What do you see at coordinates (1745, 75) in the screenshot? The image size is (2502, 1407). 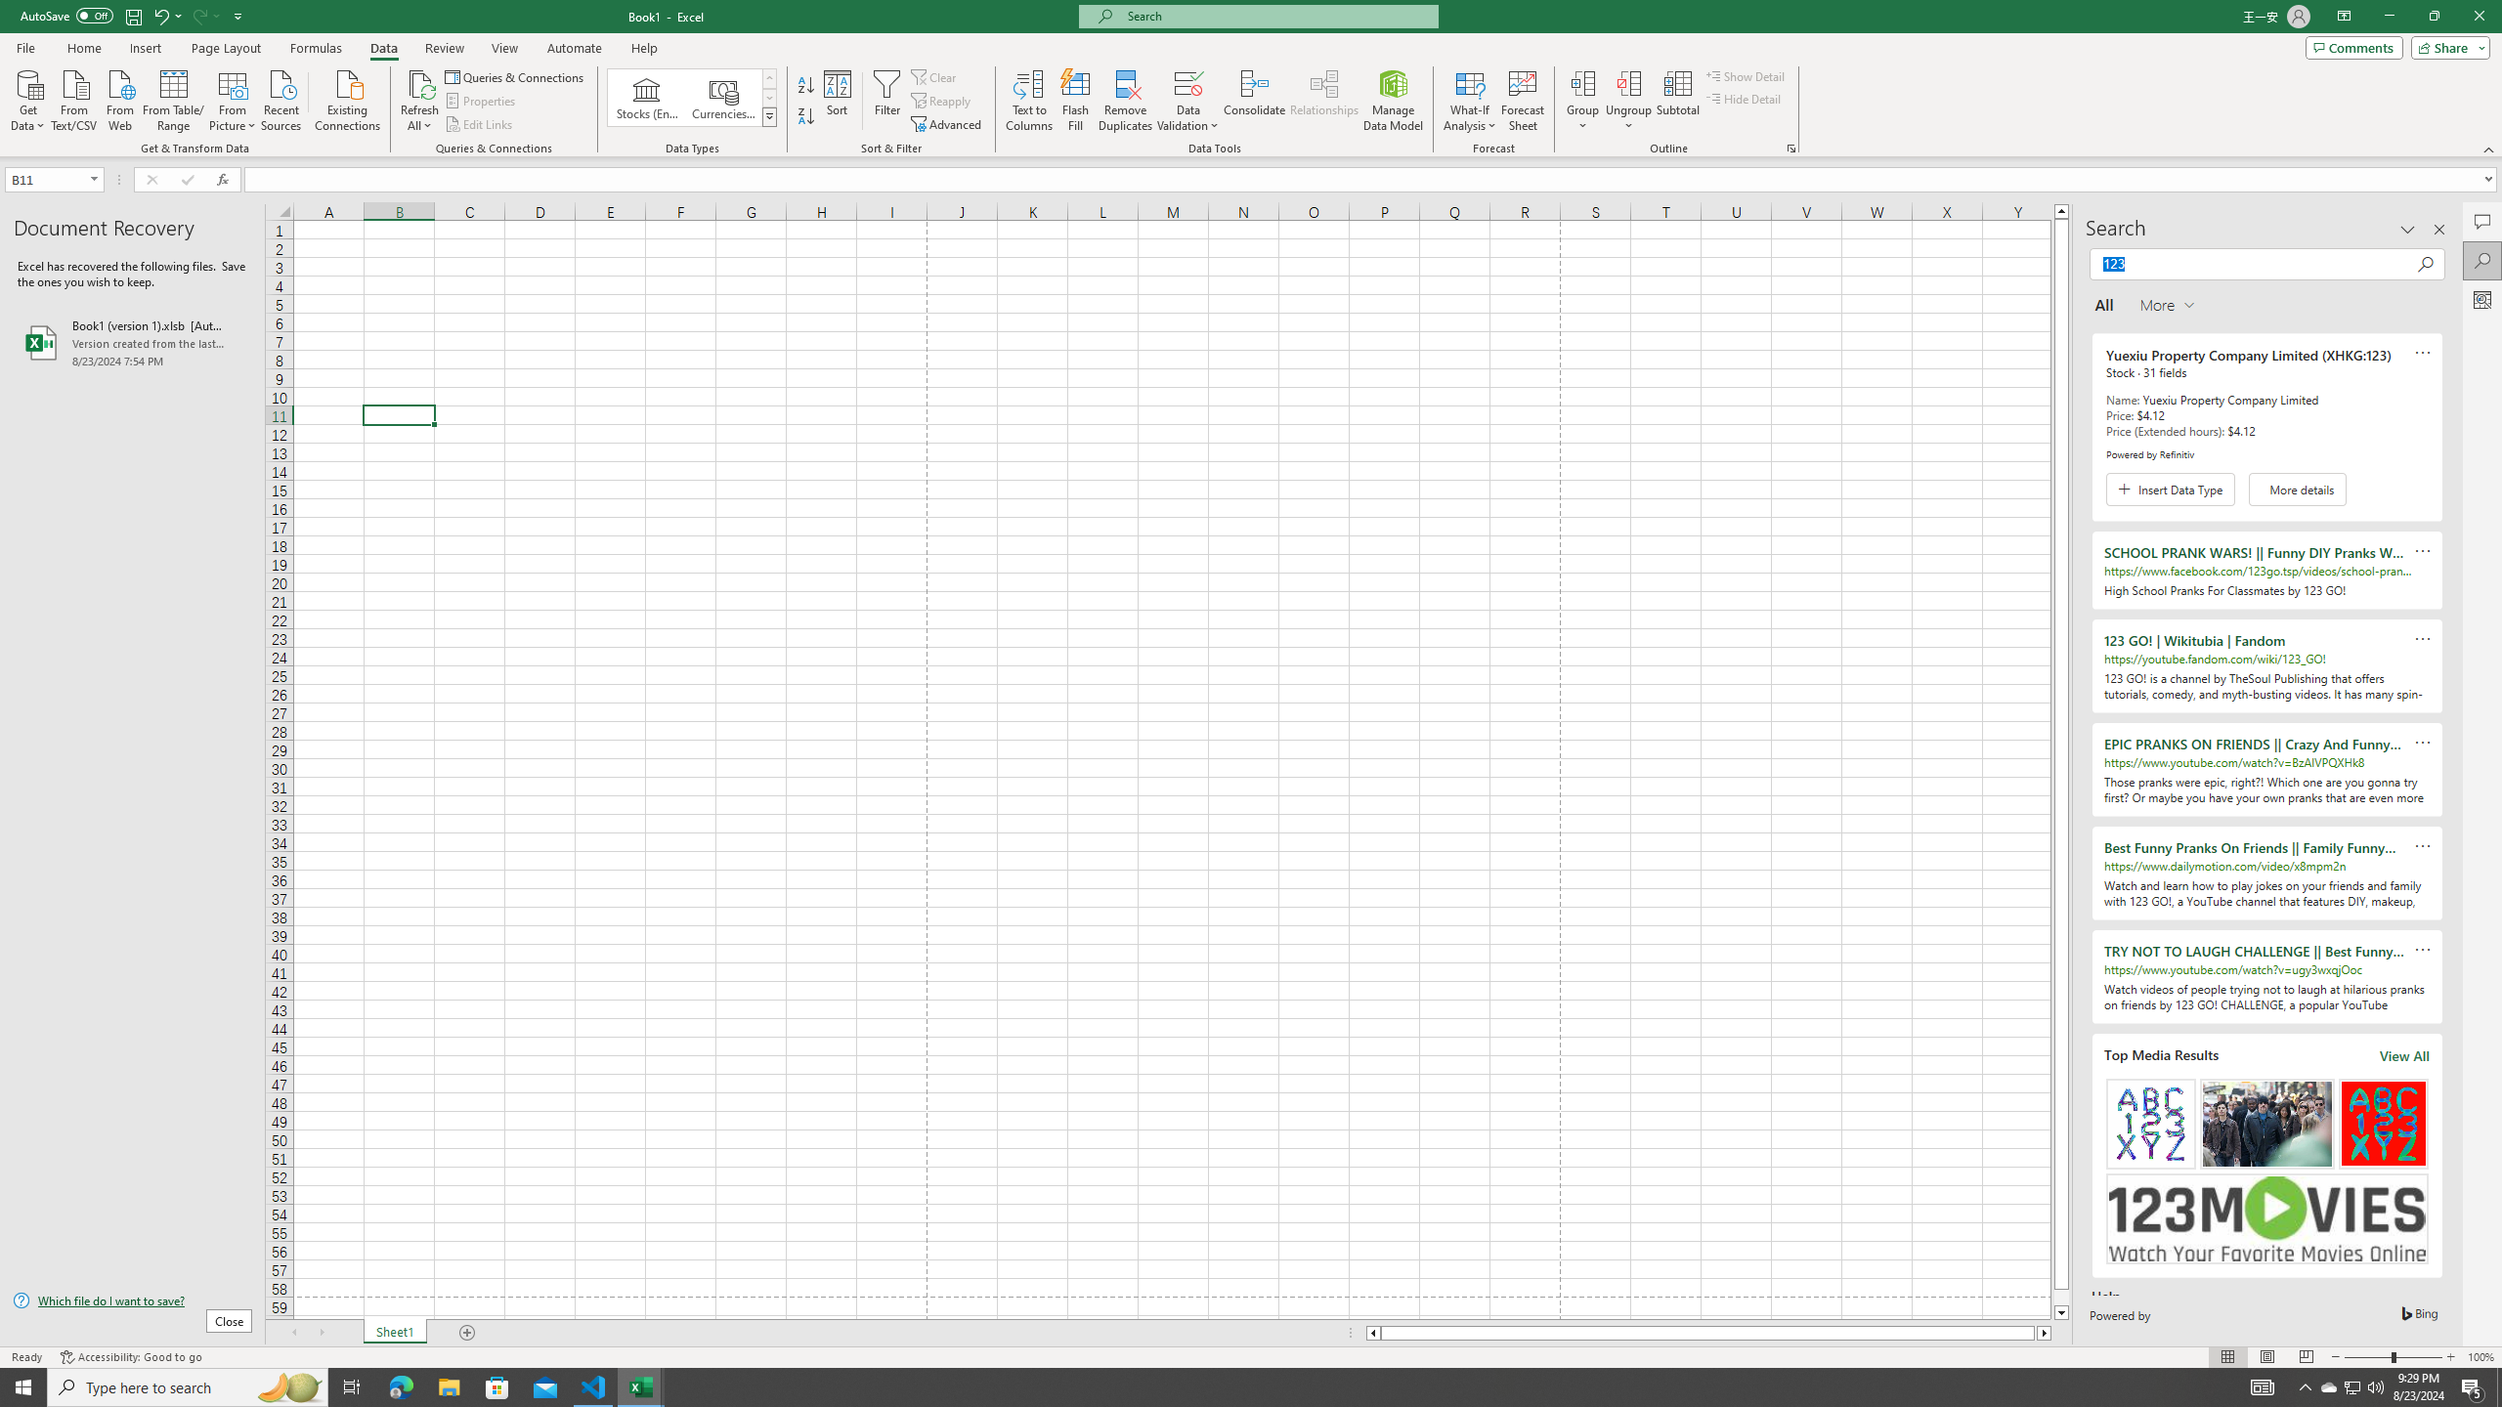 I see `'Show Detail'` at bounding box center [1745, 75].